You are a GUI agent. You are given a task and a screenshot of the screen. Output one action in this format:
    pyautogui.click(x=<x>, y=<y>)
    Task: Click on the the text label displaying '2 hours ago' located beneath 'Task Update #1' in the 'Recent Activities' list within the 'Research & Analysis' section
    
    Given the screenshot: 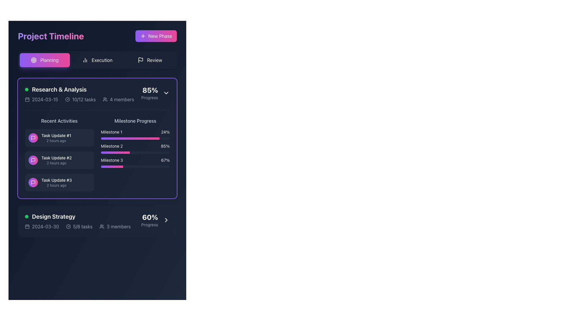 What is the action you would take?
    pyautogui.click(x=56, y=141)
    